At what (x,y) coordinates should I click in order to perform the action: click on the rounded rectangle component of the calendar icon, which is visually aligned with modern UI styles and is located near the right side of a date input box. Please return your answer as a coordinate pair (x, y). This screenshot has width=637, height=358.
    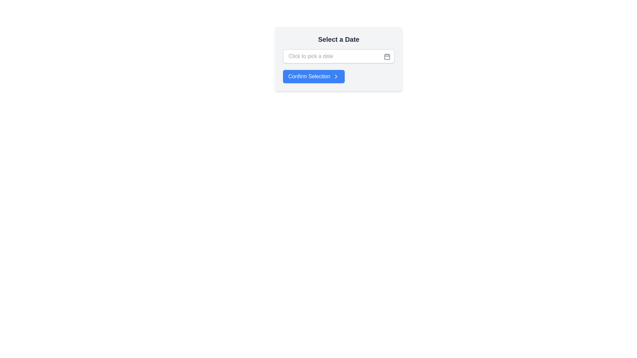
    Looking at the image, I should click on (387, 56).